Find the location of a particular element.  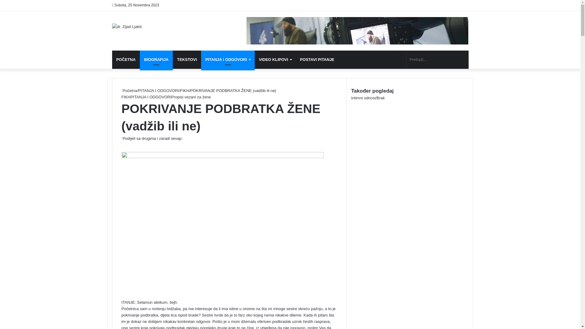

'Facebook' is located at coordinates (122, 145).